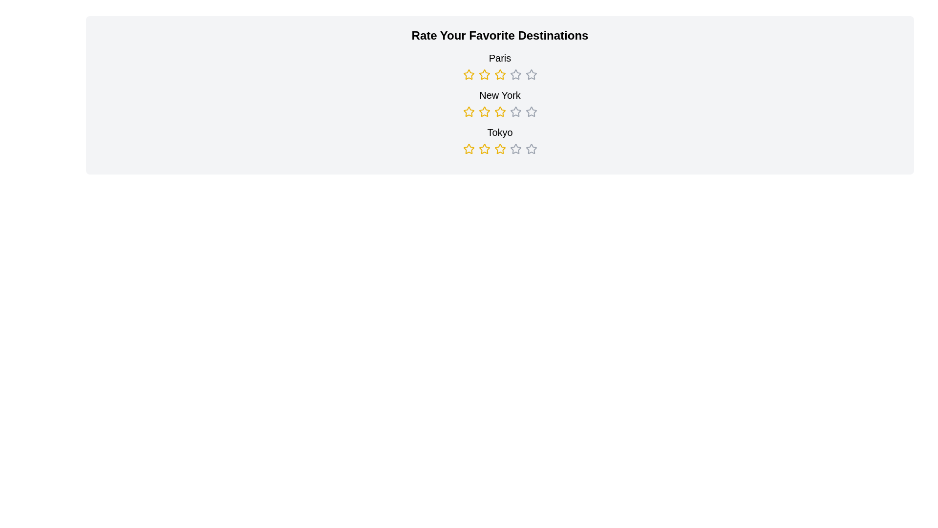 The height and width of the screenshot is (528, 938). What do you see at coordinates (500, 74) in the screenshot?
I see `the third star-shaped icon button in the rating system for the destination 'Paris' to trigger the highlight effect` at bounding box center [500, 74].